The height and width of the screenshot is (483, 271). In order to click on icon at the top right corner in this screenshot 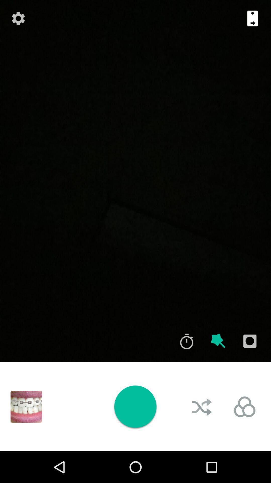, I will do `click(252, 18)`.